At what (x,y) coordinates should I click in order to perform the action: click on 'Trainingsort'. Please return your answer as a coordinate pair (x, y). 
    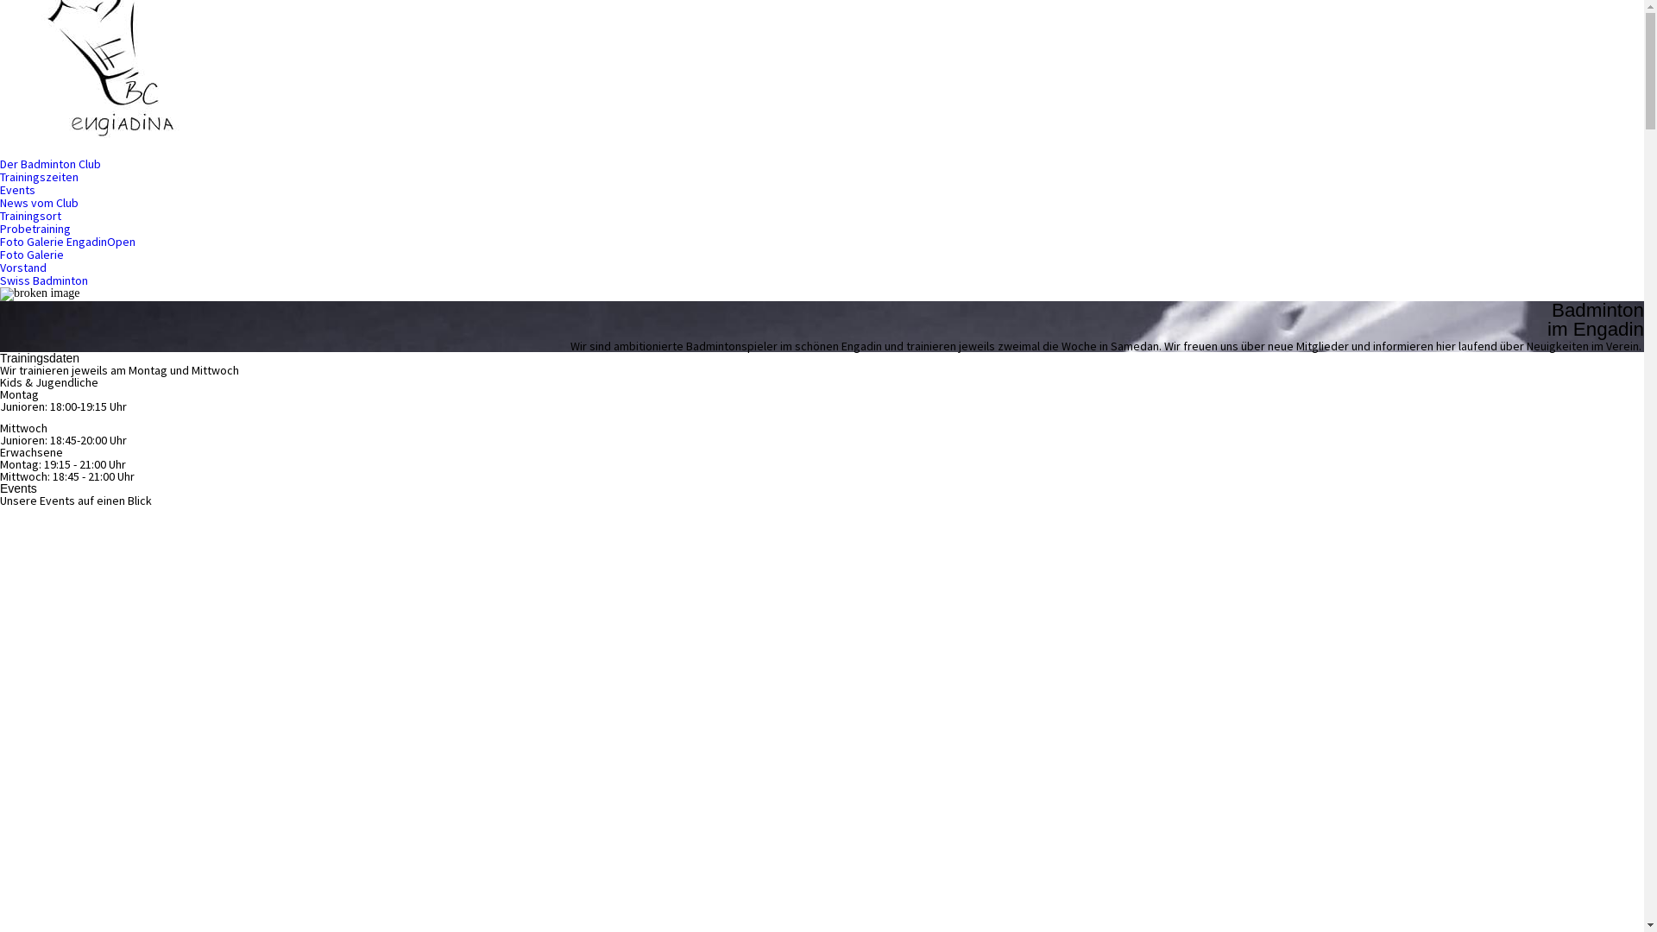
    Looking at the image, I should click on (30, 215).